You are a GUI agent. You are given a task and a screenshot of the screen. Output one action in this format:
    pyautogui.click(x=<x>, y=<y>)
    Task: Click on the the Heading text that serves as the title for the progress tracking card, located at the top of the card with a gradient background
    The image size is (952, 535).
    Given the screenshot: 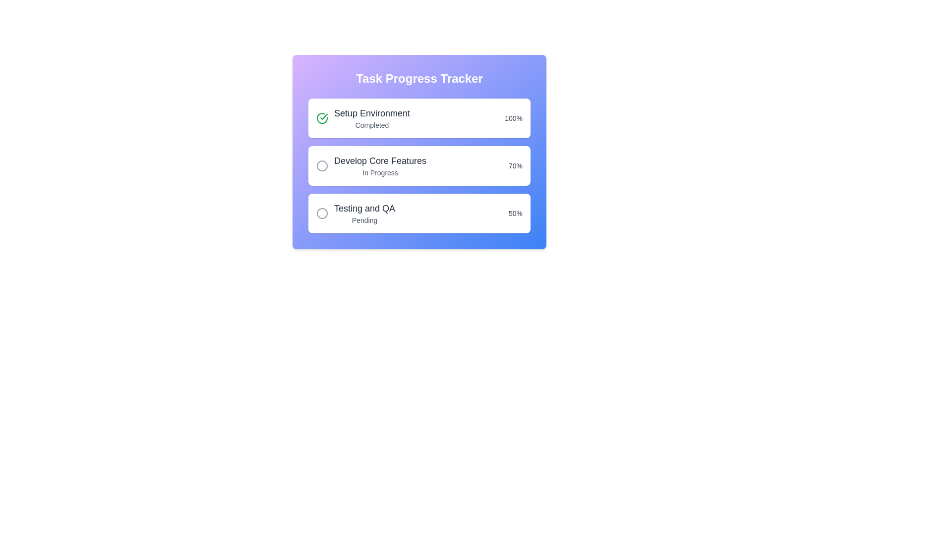 What is the action you would take?
    pyautogui.click(x=419, y=78)
    